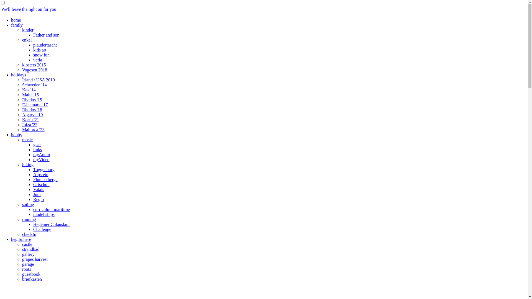  Describe the element at coordinates (29, 89) in the screenshot. I see `'Kos '14'` at that location.